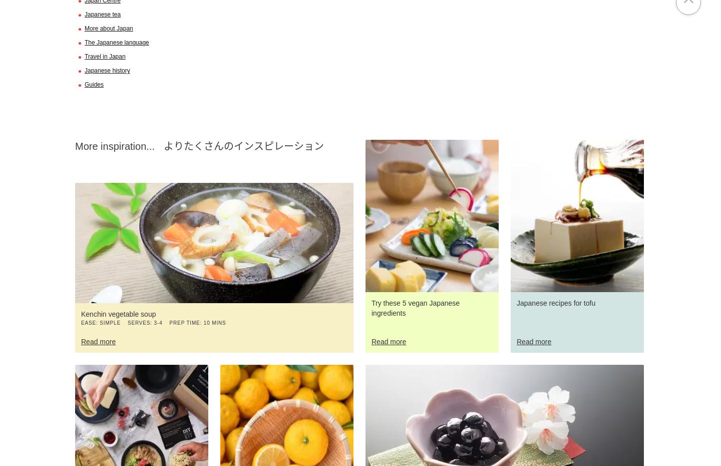 The image size is (721, 466). Describe the element at coordinates (138, 322) in the screenshot. I see `'Serves'` at that location.